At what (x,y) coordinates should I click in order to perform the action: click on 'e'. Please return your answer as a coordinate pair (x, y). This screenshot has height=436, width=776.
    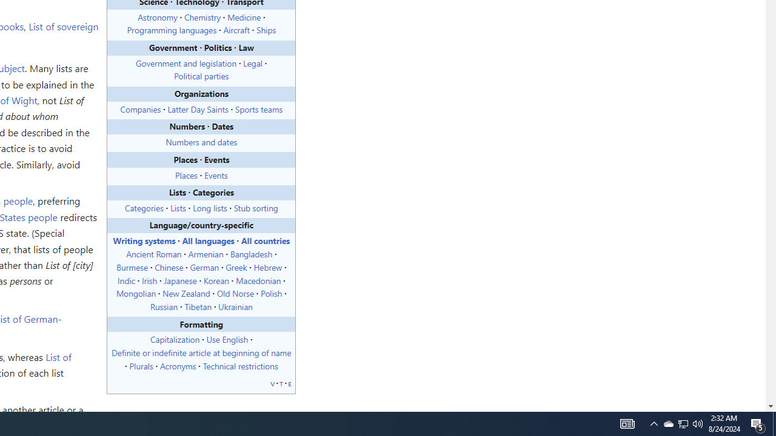
    Looking at the image, I should click on (289, 383).